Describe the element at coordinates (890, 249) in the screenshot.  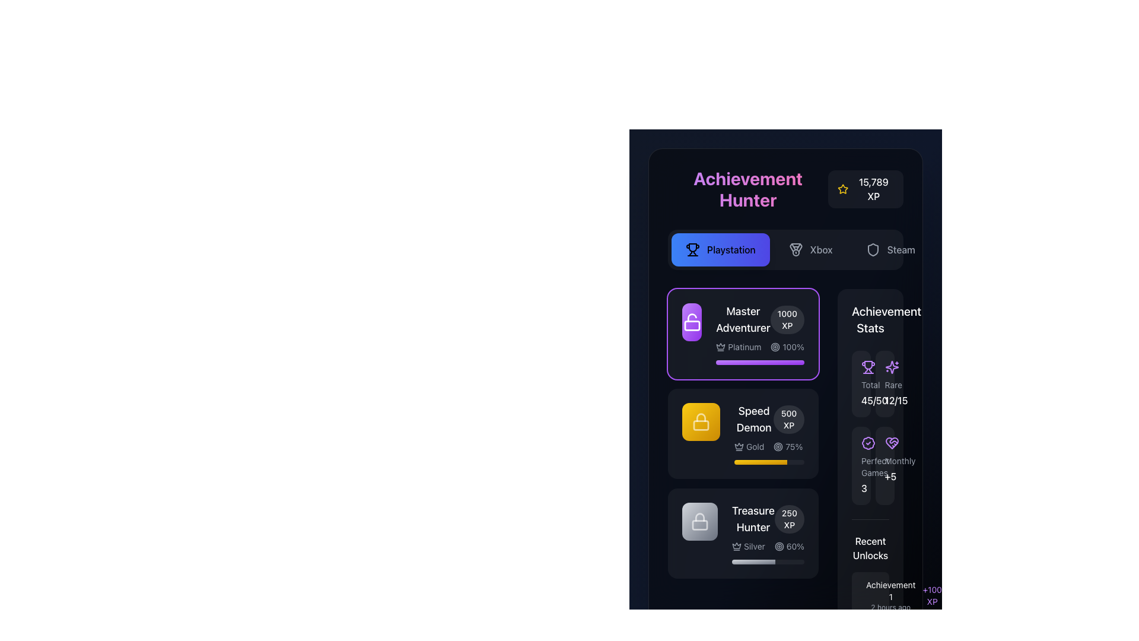
I see `the 'Steam' button, which features a shield icon and is styled with a grayish color scheme` at that location.